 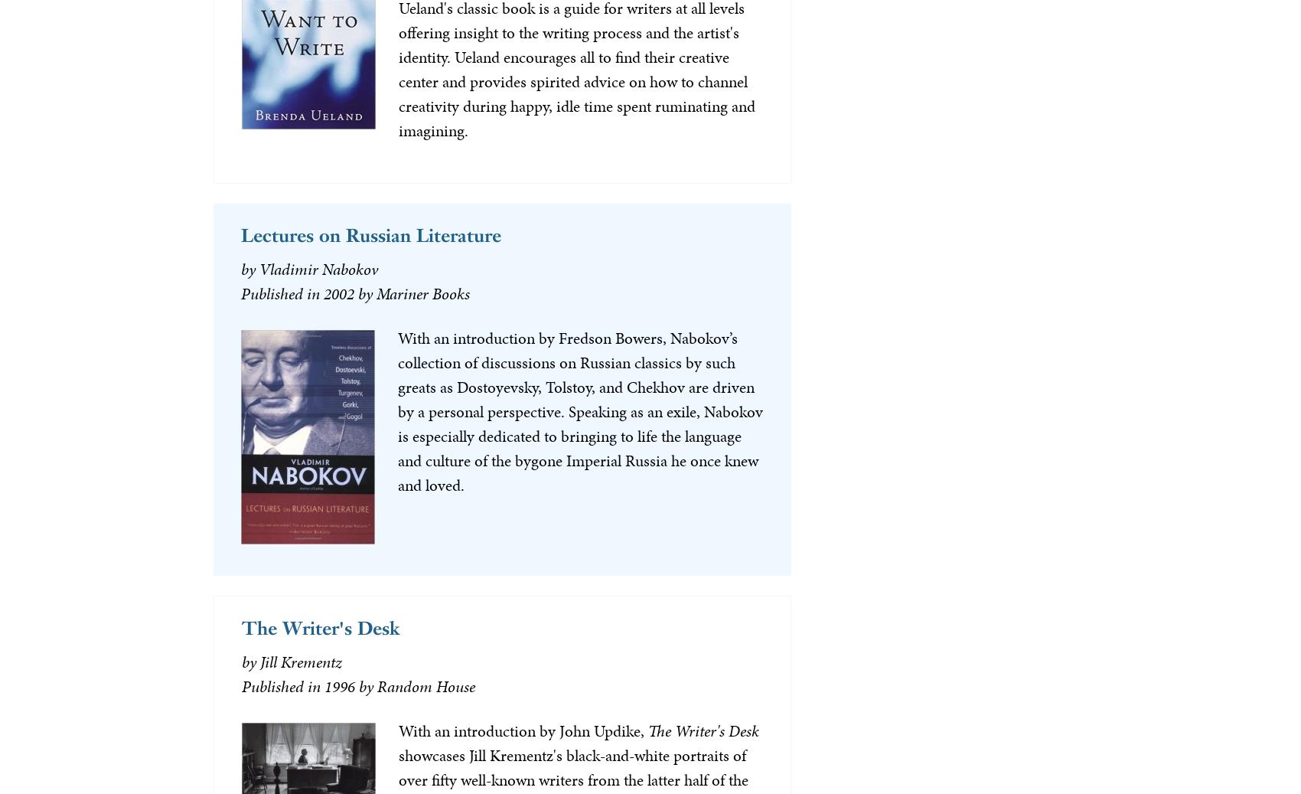 What do you see at coordinates (416, 685) in the screenshot?
I see `'by Random House'` at bounding box center [416, 685].